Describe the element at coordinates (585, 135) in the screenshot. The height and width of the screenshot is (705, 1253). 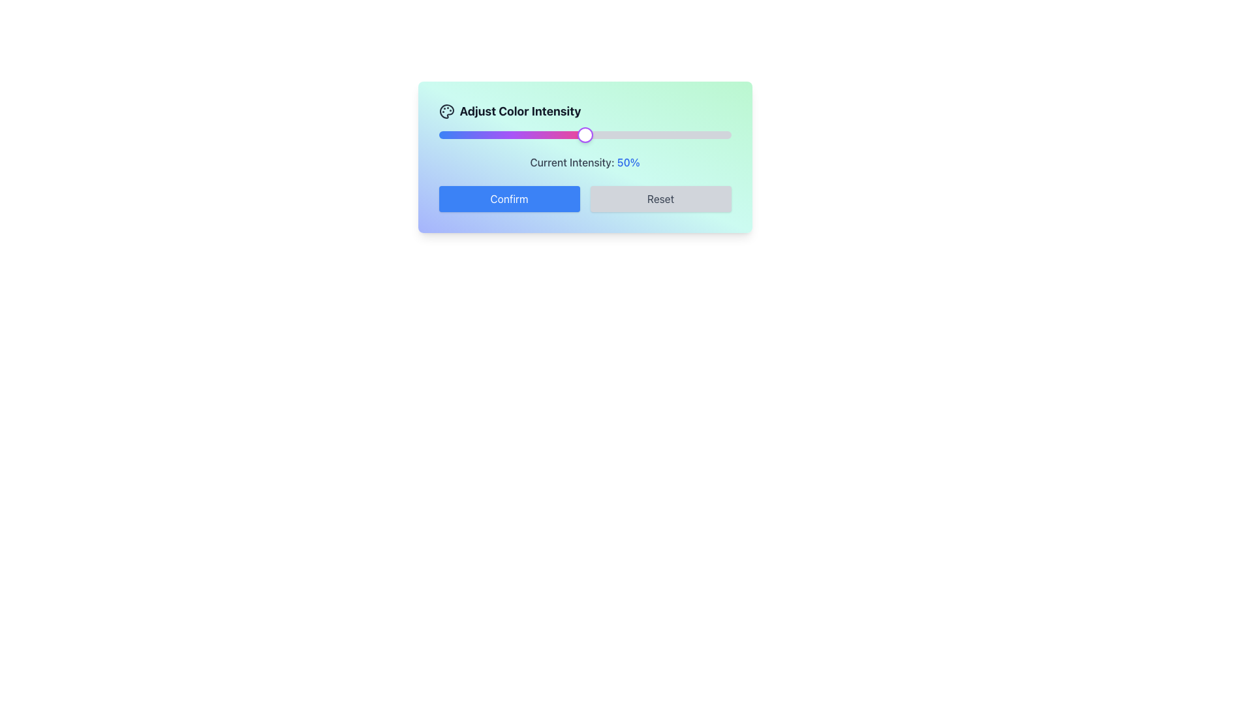
I see `the intensity` at that location.